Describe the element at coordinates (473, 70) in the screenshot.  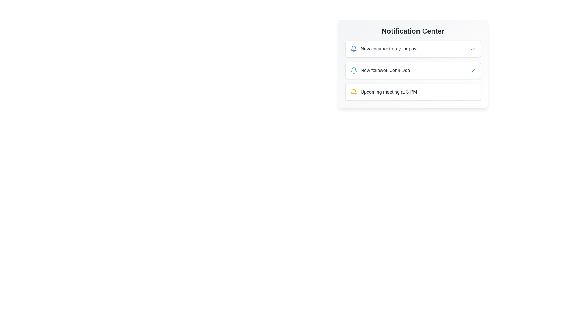
I see `the checkmark icon button with a blue outline located at the far right of the notification card labeled 'New follower: John Doe'` at that location.